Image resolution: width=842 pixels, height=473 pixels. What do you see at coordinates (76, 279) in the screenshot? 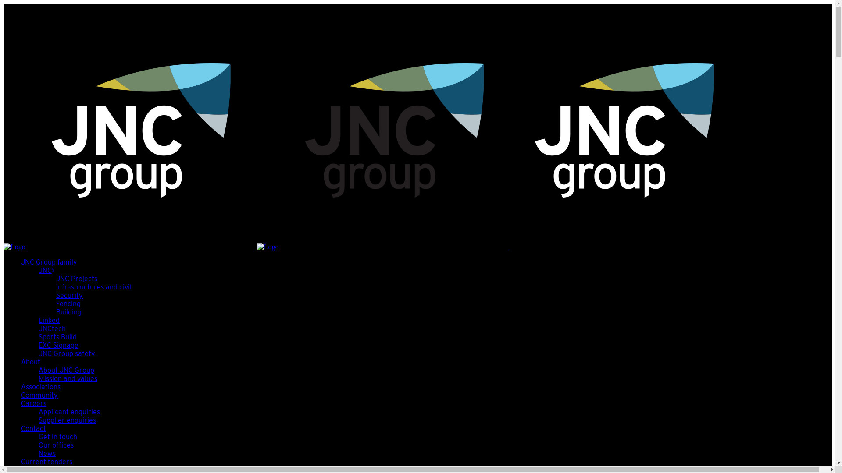
I see `'JNC Projects'` at bounding box center [76, 279].